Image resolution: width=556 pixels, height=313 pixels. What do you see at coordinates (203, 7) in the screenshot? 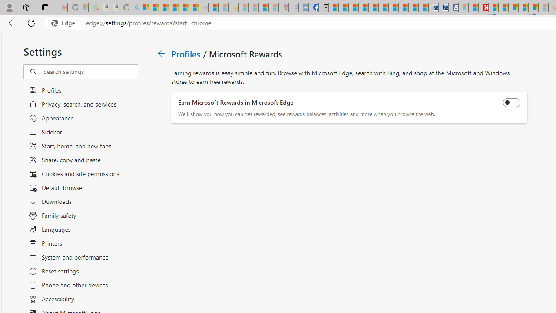
I see `'Combat Siege - Sleeping'` at bounding box center [203, 7].